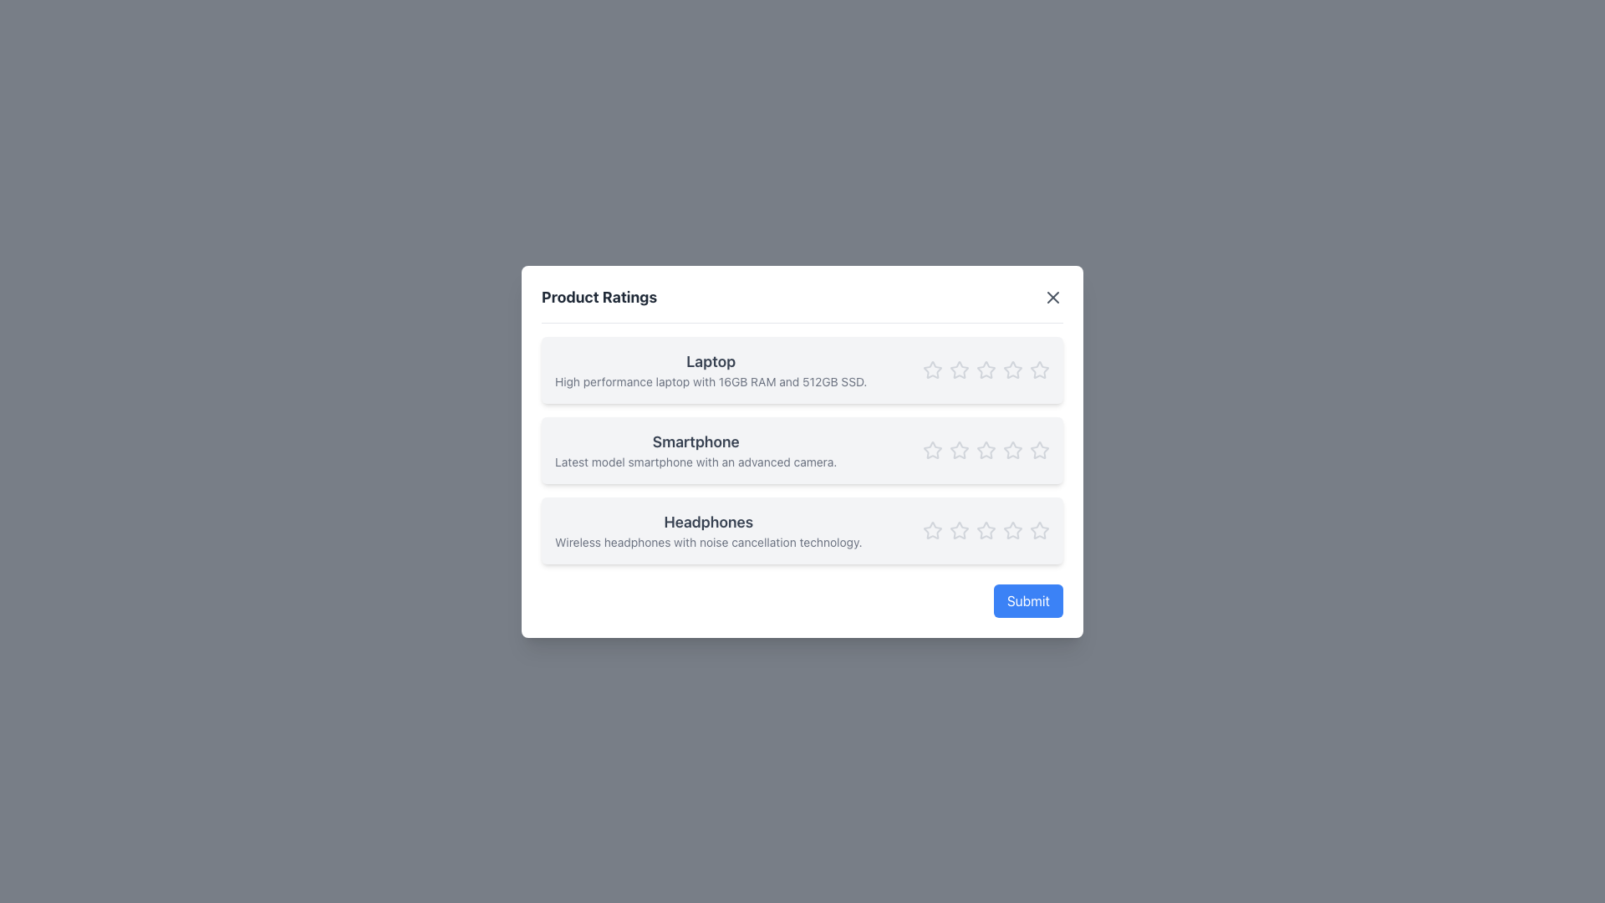 This screenshot has height=903, width=1605. I want to click on the rightmost star icon in the rating section labeled 'Laptop', so click(1011, 369).